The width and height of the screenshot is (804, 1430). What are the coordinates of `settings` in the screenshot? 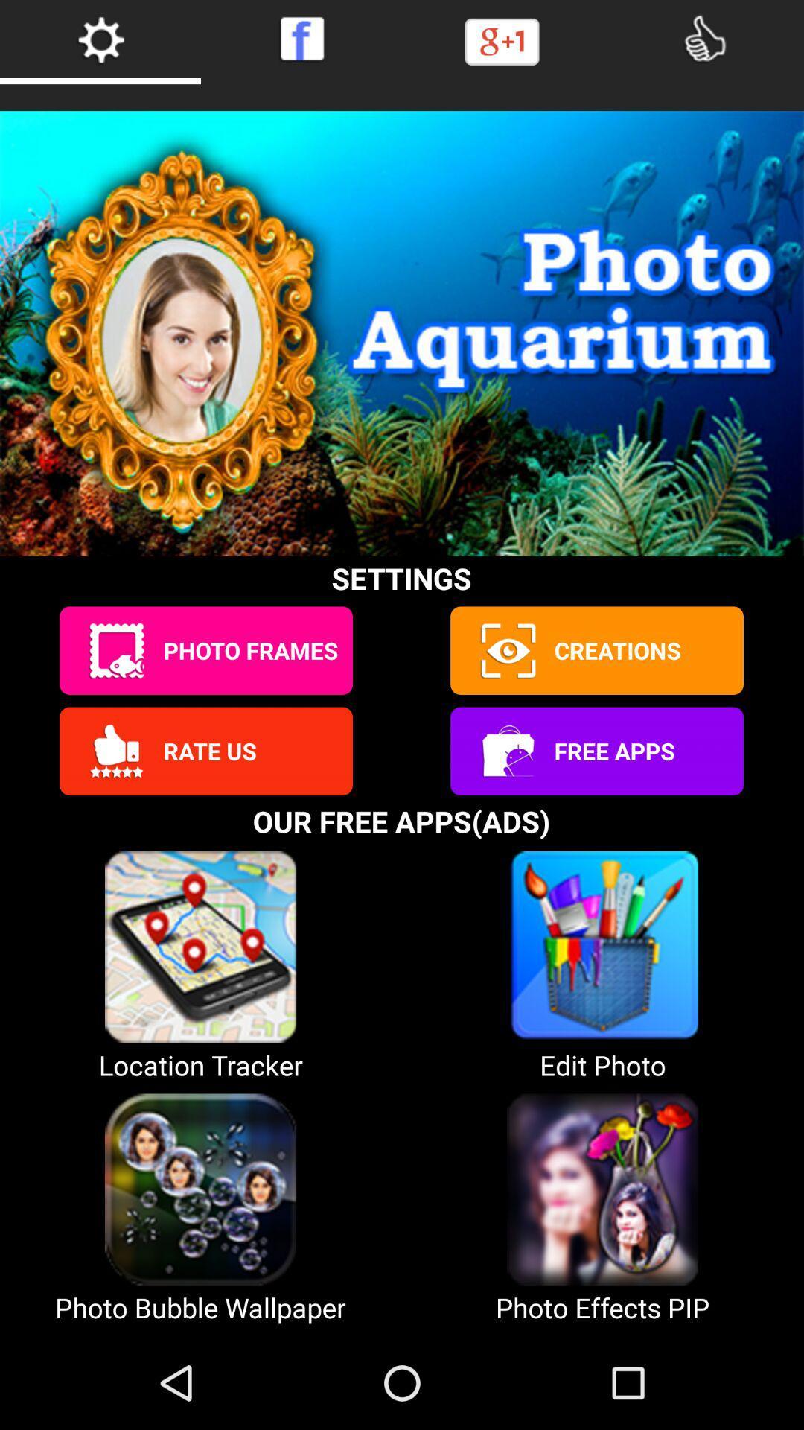 It's located at (100, 39).